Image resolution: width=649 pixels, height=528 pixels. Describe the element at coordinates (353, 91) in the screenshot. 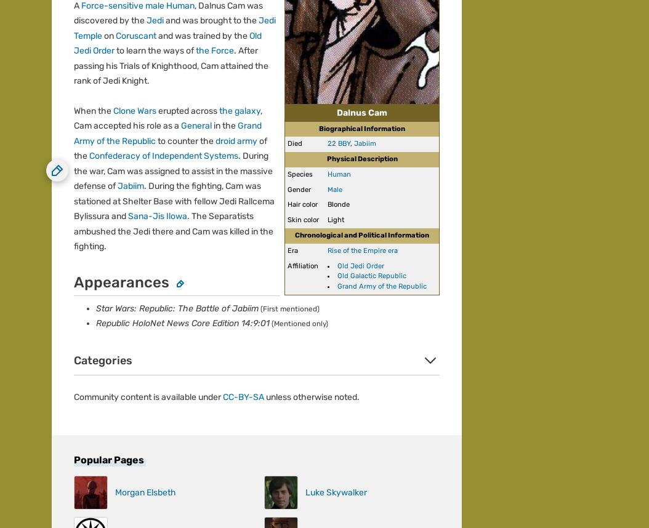

I see `'Do Not Sell or Share My Personal Information'` at that location.